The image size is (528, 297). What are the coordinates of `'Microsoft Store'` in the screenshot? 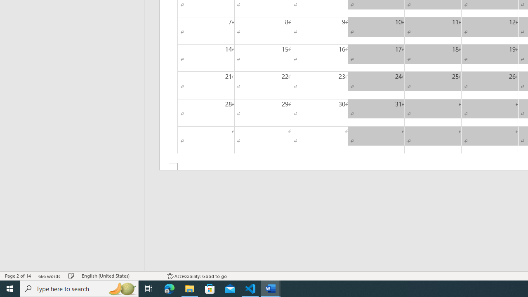 It's located at (210, 288).